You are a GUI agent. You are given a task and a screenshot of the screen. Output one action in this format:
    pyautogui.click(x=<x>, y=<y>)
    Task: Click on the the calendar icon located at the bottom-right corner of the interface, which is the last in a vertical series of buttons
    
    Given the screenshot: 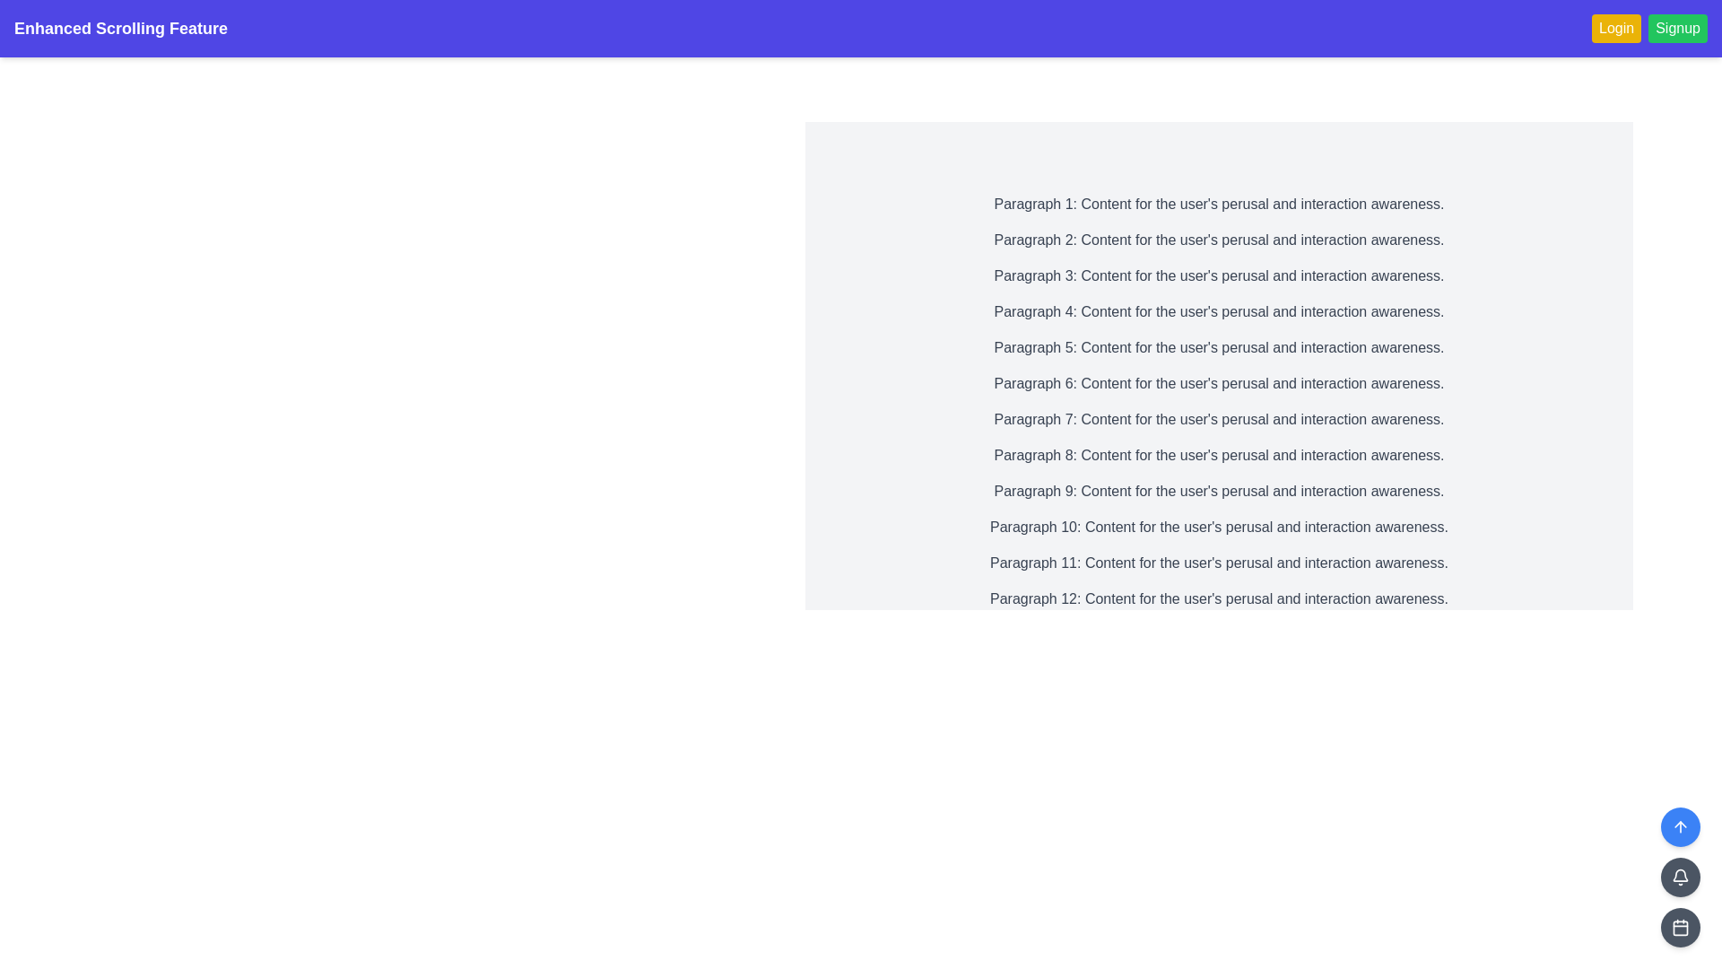 What is the action you would take?
    pyautogui.click(x=1679, y=927)
    